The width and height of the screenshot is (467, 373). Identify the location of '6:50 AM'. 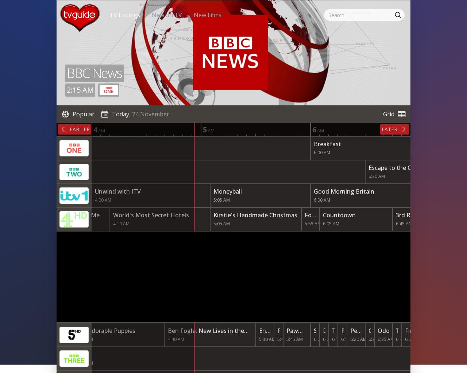
(405, 339).